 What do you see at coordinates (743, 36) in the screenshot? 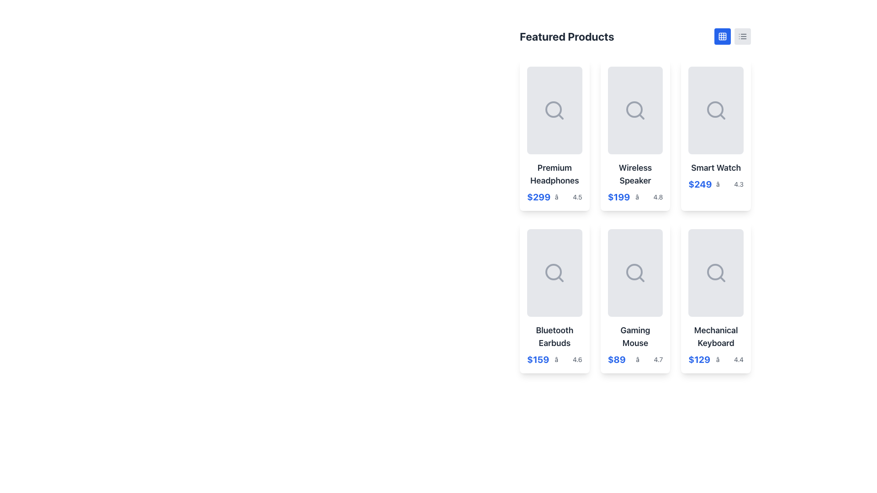
I see `the SVG icon representing a list view, located in the top right corner next to the blue grid icon` at bounding box center [743, 36].